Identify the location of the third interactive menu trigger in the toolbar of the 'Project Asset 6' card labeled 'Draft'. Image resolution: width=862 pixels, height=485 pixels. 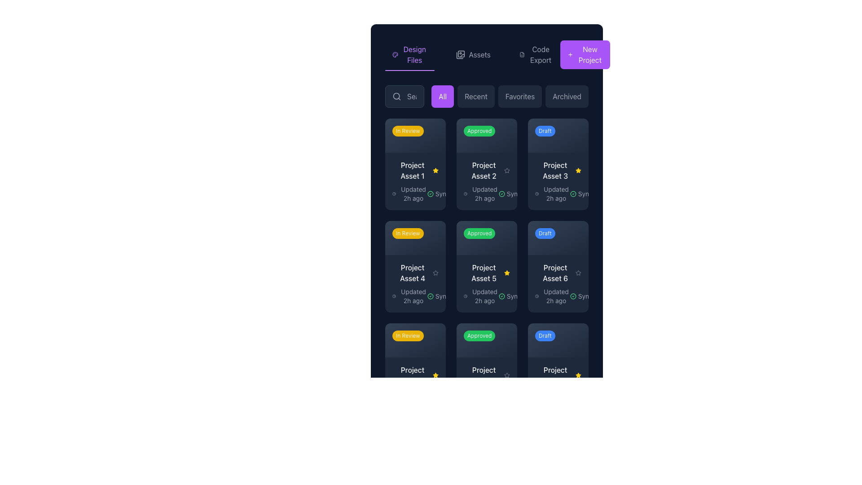
(573, 337).